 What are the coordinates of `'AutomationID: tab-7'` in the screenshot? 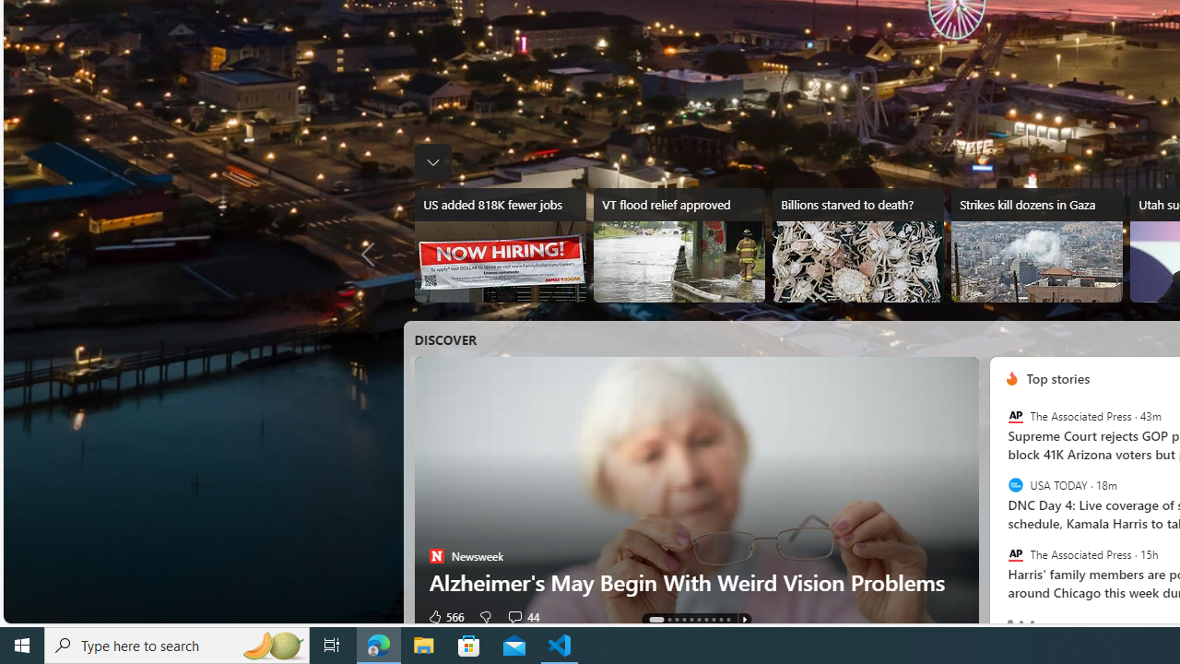 It's located at (713, 620).